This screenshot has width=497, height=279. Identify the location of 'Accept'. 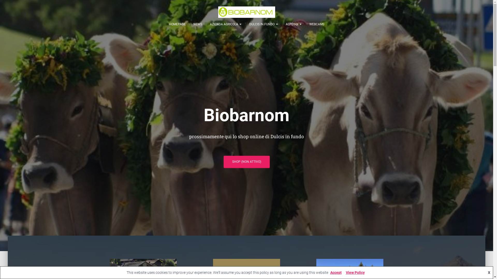
(336, 272).